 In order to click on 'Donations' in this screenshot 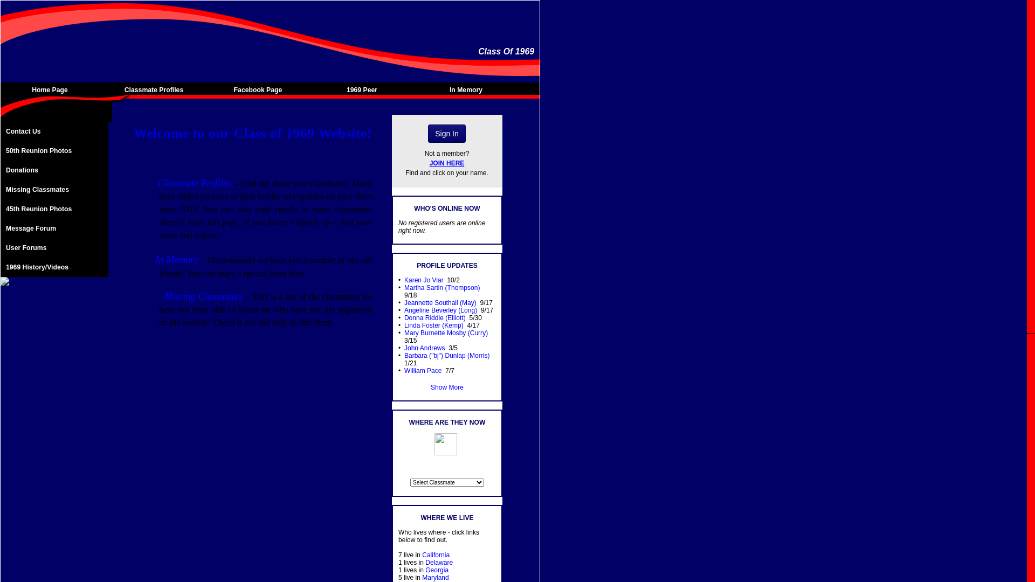, I will do `click(53, 170)`.